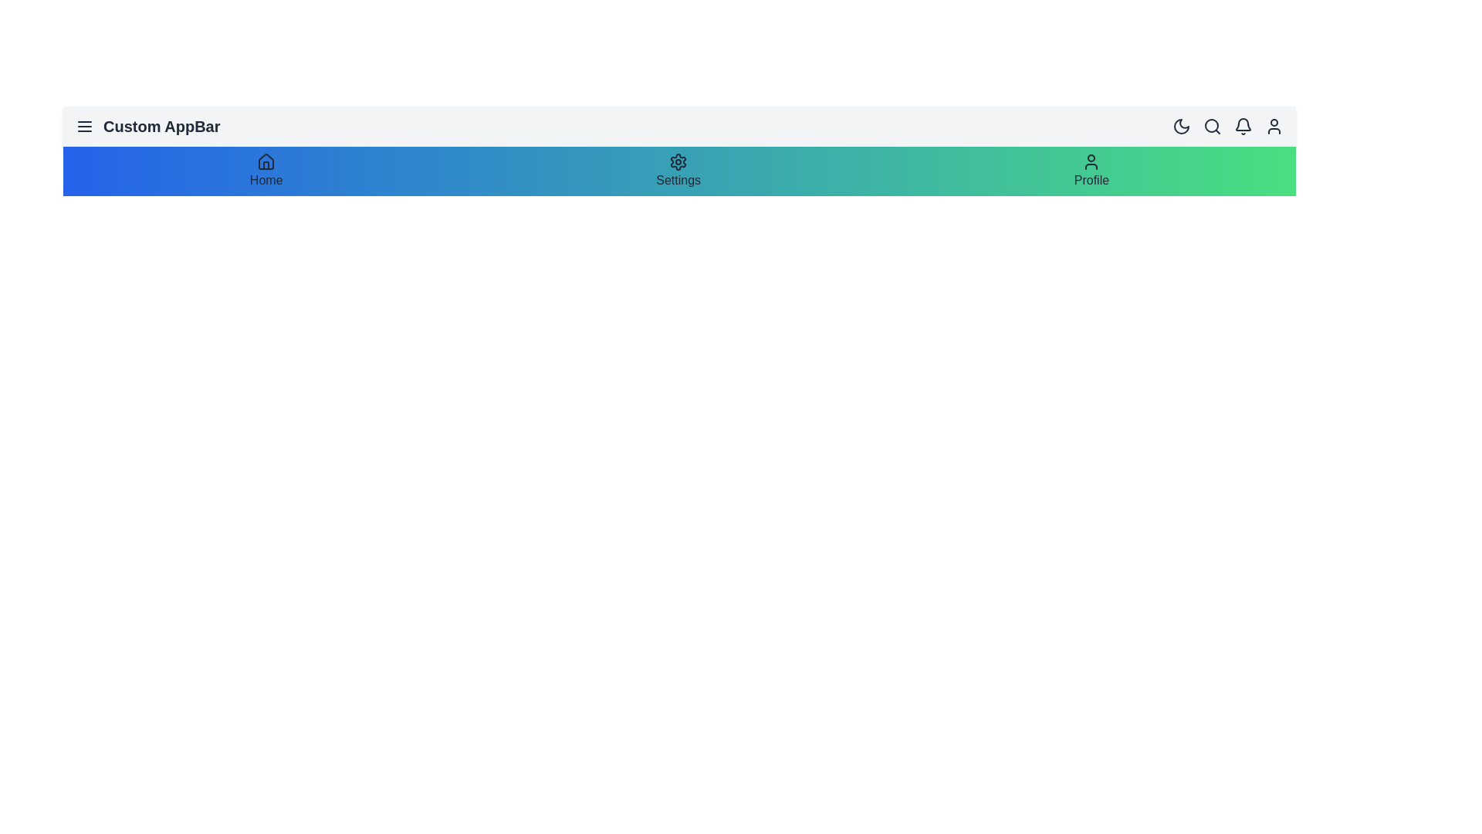  I want to click on the Profile button to navigate to the Profile section, so click(1091, 180).